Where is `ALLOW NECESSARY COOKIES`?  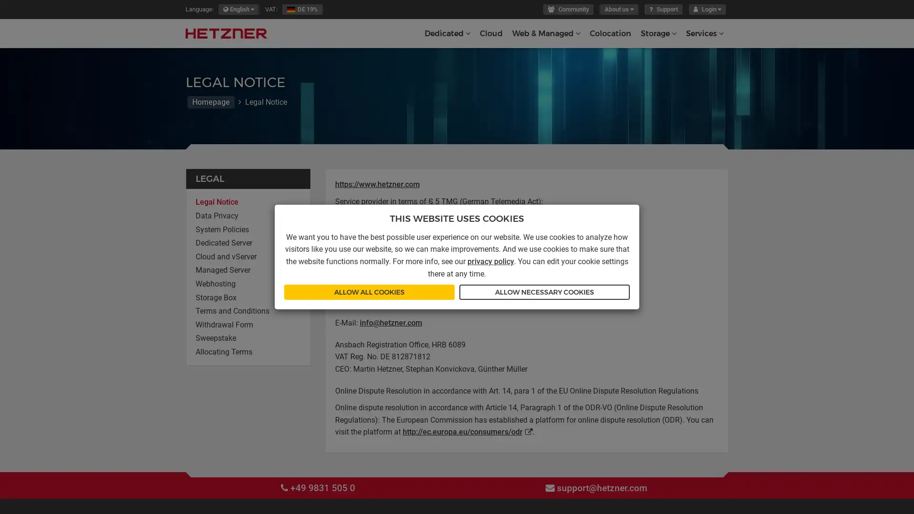
ALLOW NECESSARY COOKIES is located at coordinates (544, 291).